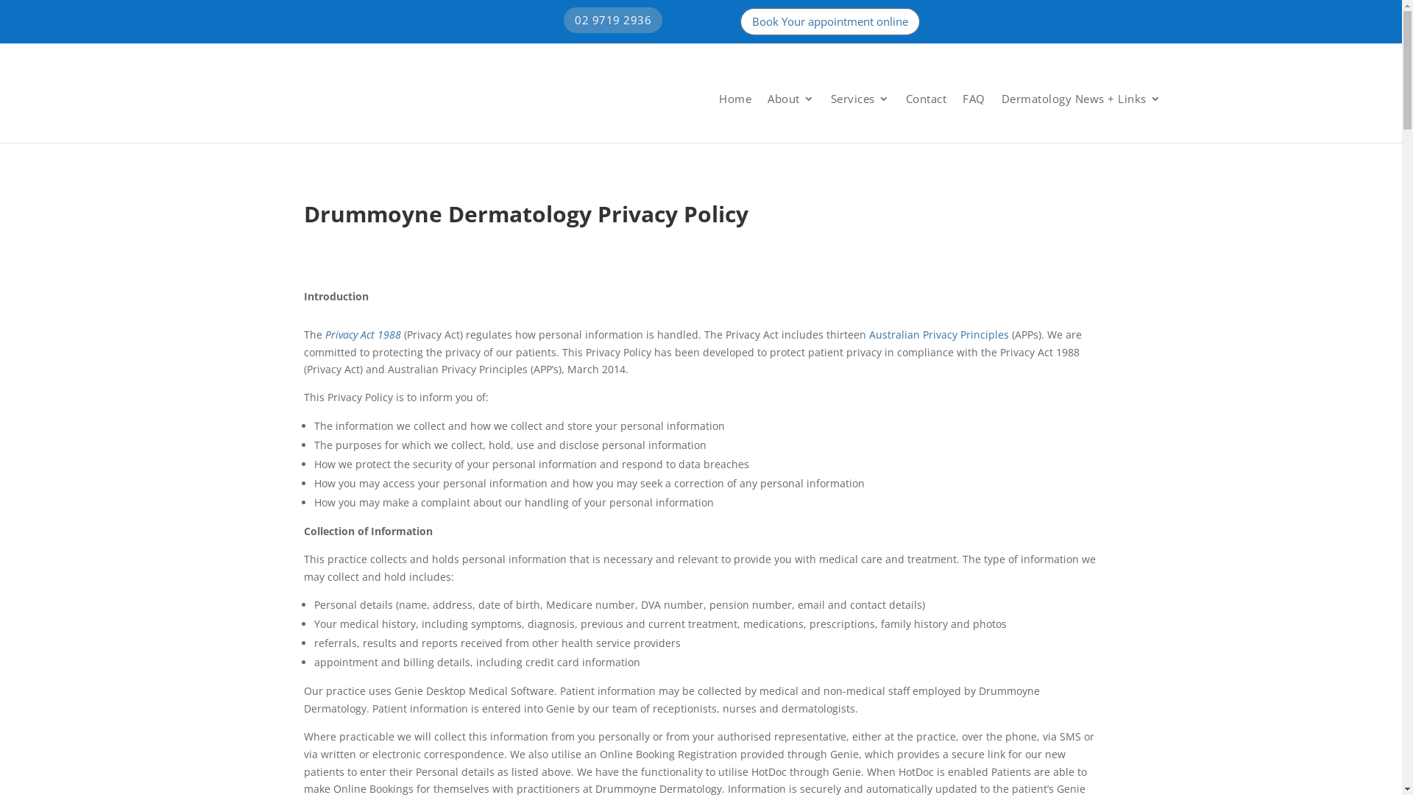 This screenshot has width=1413, height=795. I want to click on 'Australian Privacy Principles', so click(938, 334).